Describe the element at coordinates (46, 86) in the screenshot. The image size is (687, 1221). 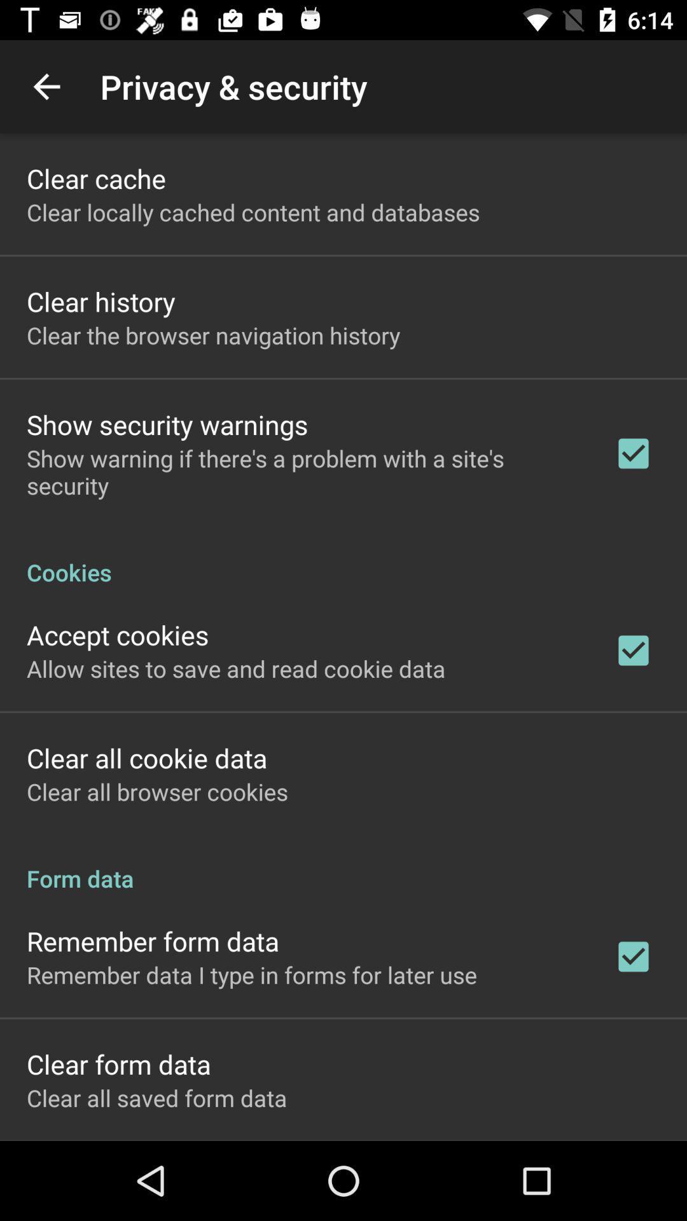
I see `app next to the privacy & security app` at that location.